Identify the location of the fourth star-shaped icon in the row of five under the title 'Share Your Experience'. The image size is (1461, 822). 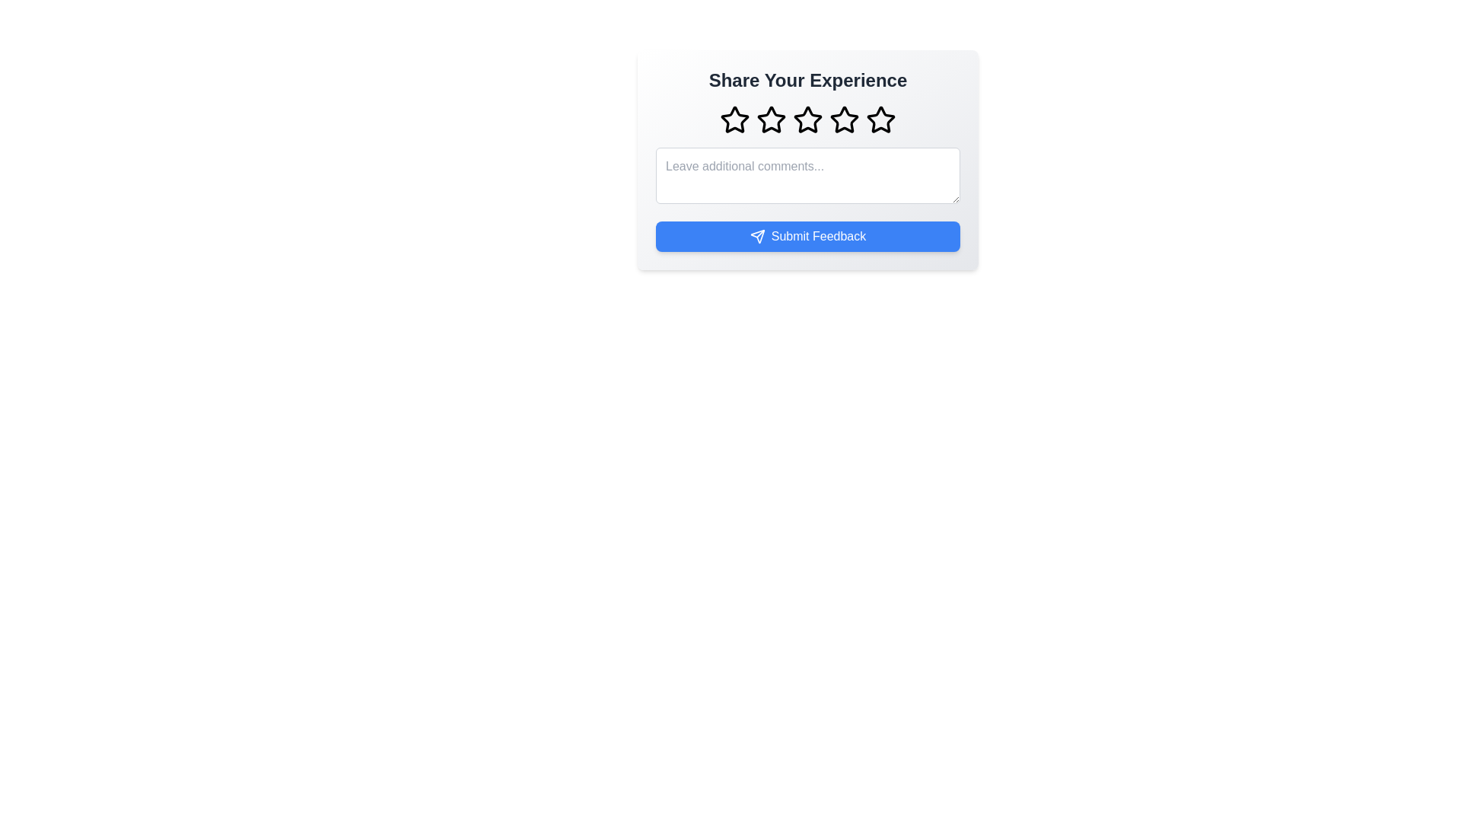
(843, 119).